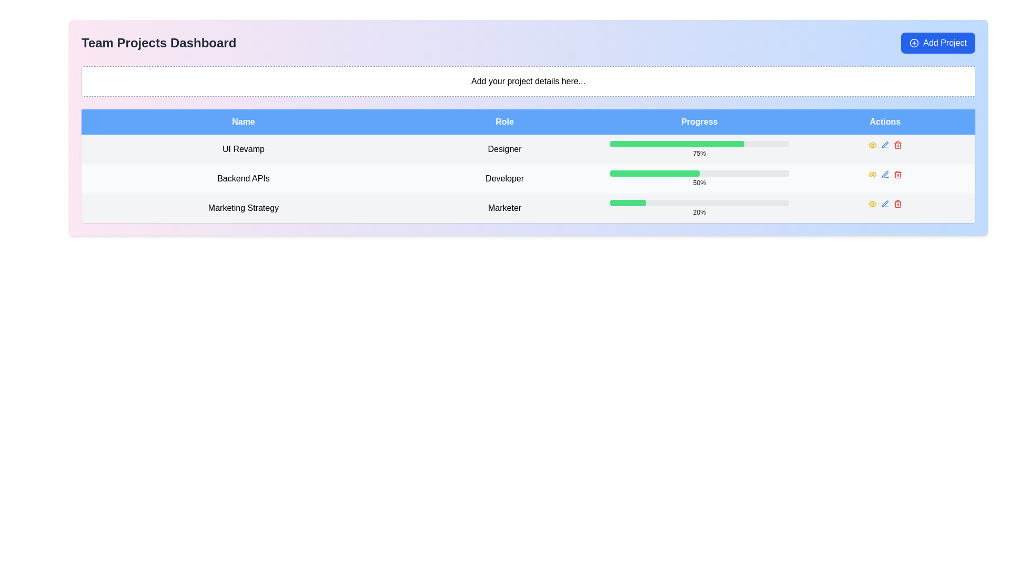  Describe the element at coordinates (699, 178) in the screenshot. I see `the progress bar representing the completion status of the 'Backend APIs' project, which shows 50% completion in the 'Progress' column of the table` at that location.